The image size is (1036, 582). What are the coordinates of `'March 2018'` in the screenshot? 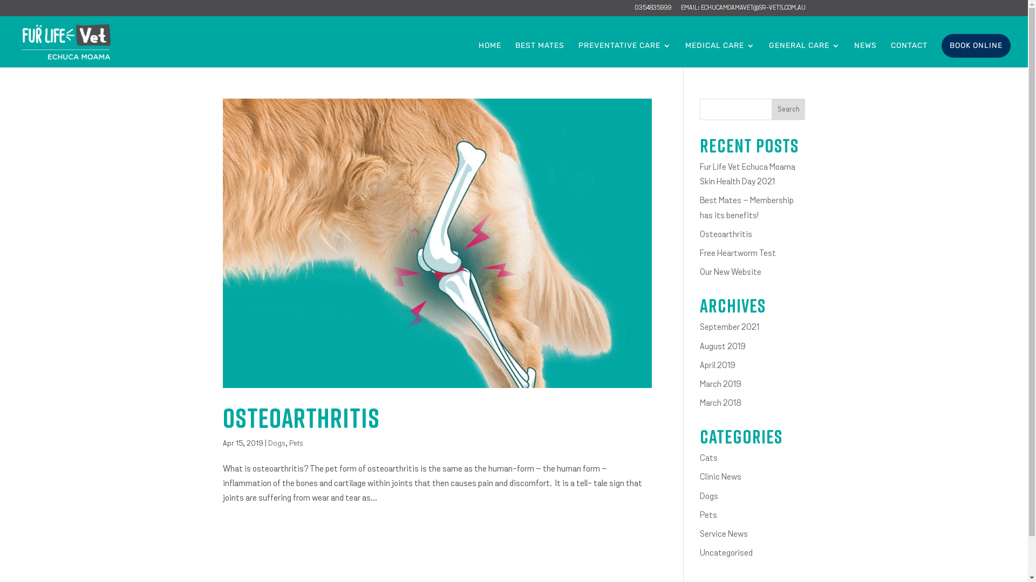 It's located at (720, 403).